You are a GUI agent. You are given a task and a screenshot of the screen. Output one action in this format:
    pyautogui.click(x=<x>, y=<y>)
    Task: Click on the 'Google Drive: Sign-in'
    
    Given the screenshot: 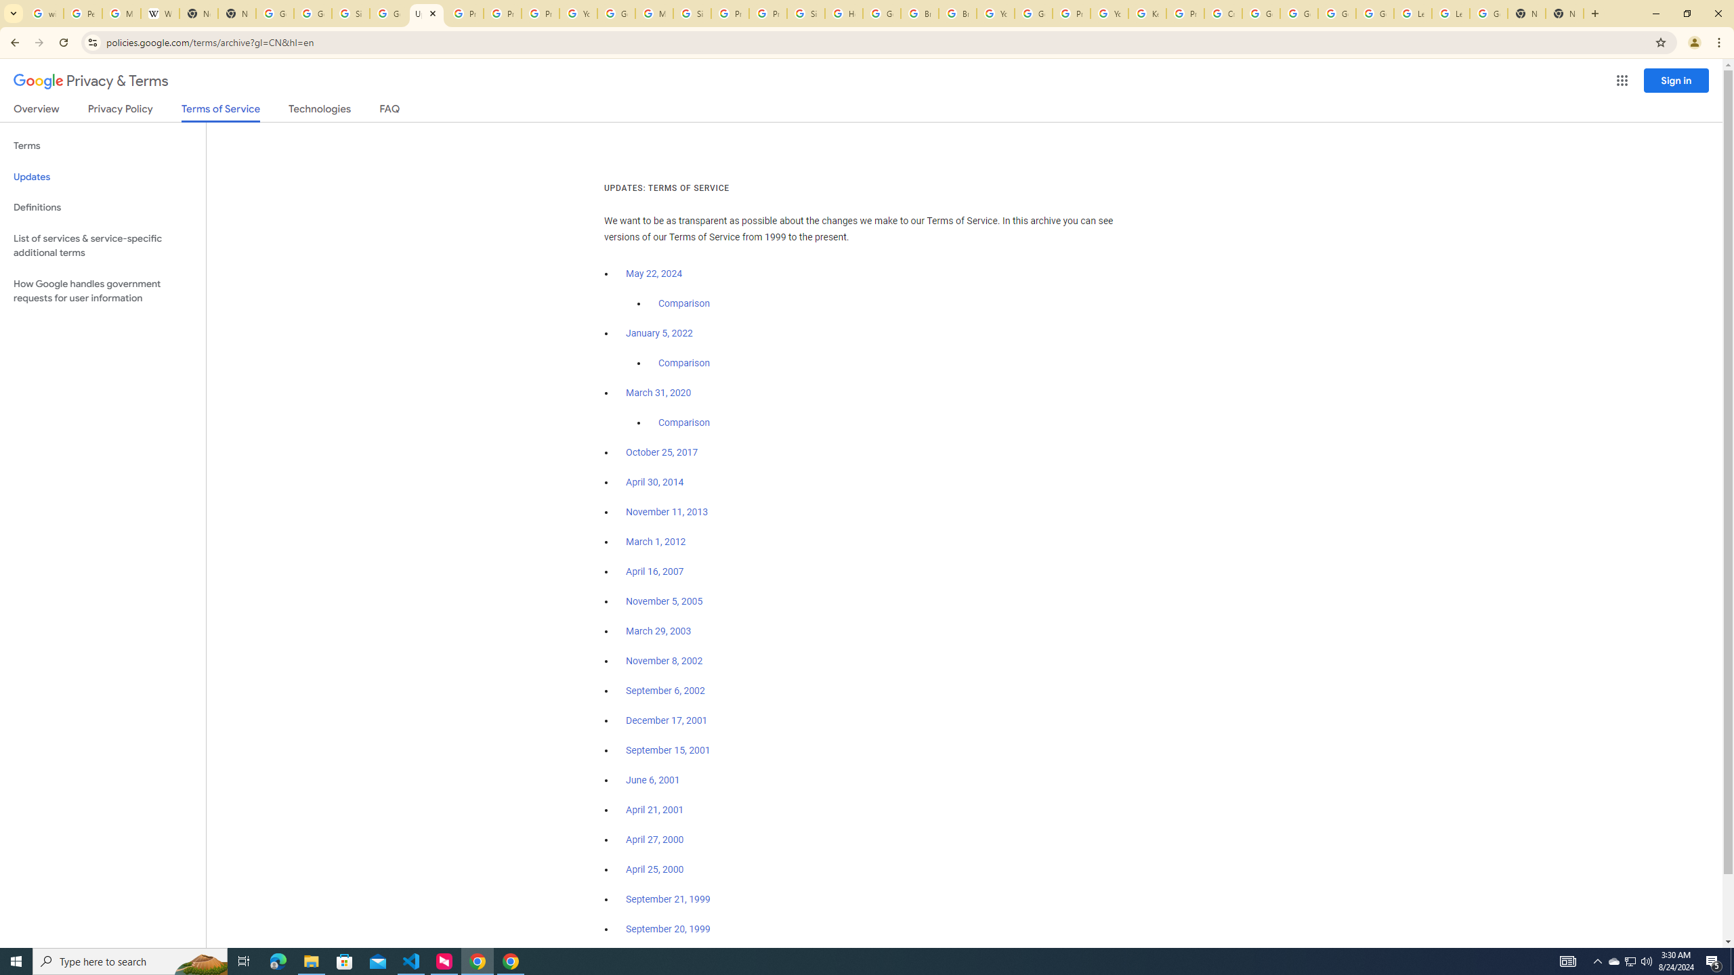 What is the action you would take?
    pyautogui.click(x=312, y=13)
    